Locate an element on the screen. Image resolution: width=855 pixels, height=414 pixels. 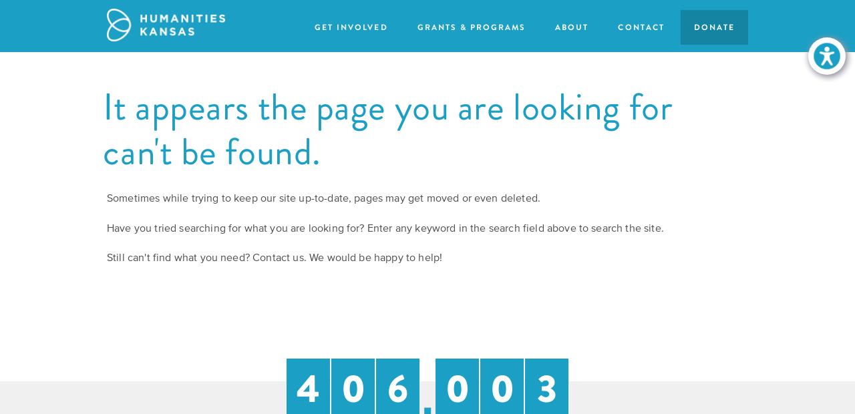
'Contact us' is located at coordinates (277, 256).